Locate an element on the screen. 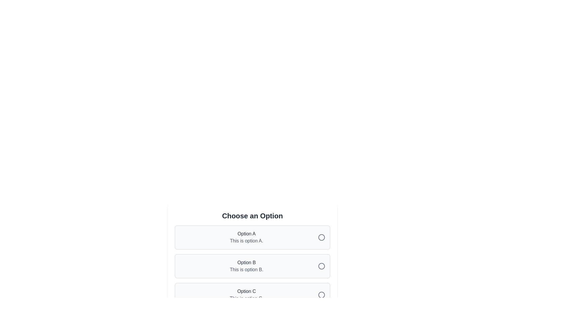 The width and height of the screenshot is (565, 317). the circular gray icon located in the top-right corner of the 'Option A' block, which has a stroke circle design and denotes a neutral state is located at coordinates (321, 237).